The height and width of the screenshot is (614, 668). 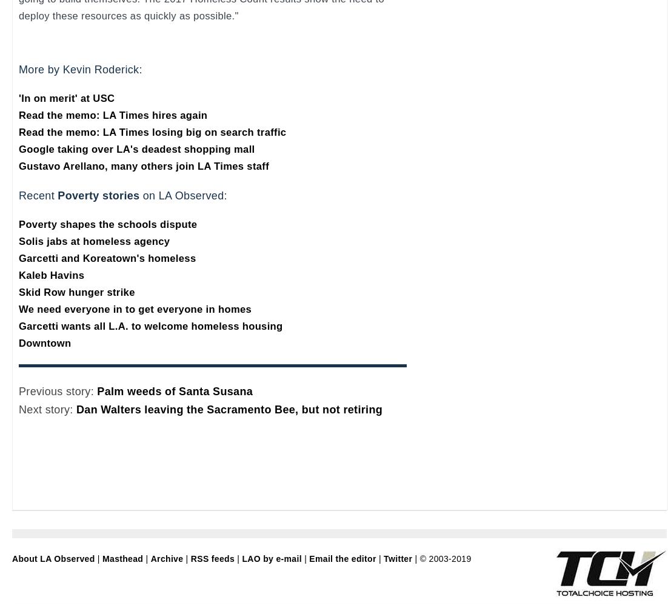 What do you see at coordinates (136, 148) in the screenshot?
I see `'Google taking over LA's deadest shopping mall'` at bounding box center [136, 148].